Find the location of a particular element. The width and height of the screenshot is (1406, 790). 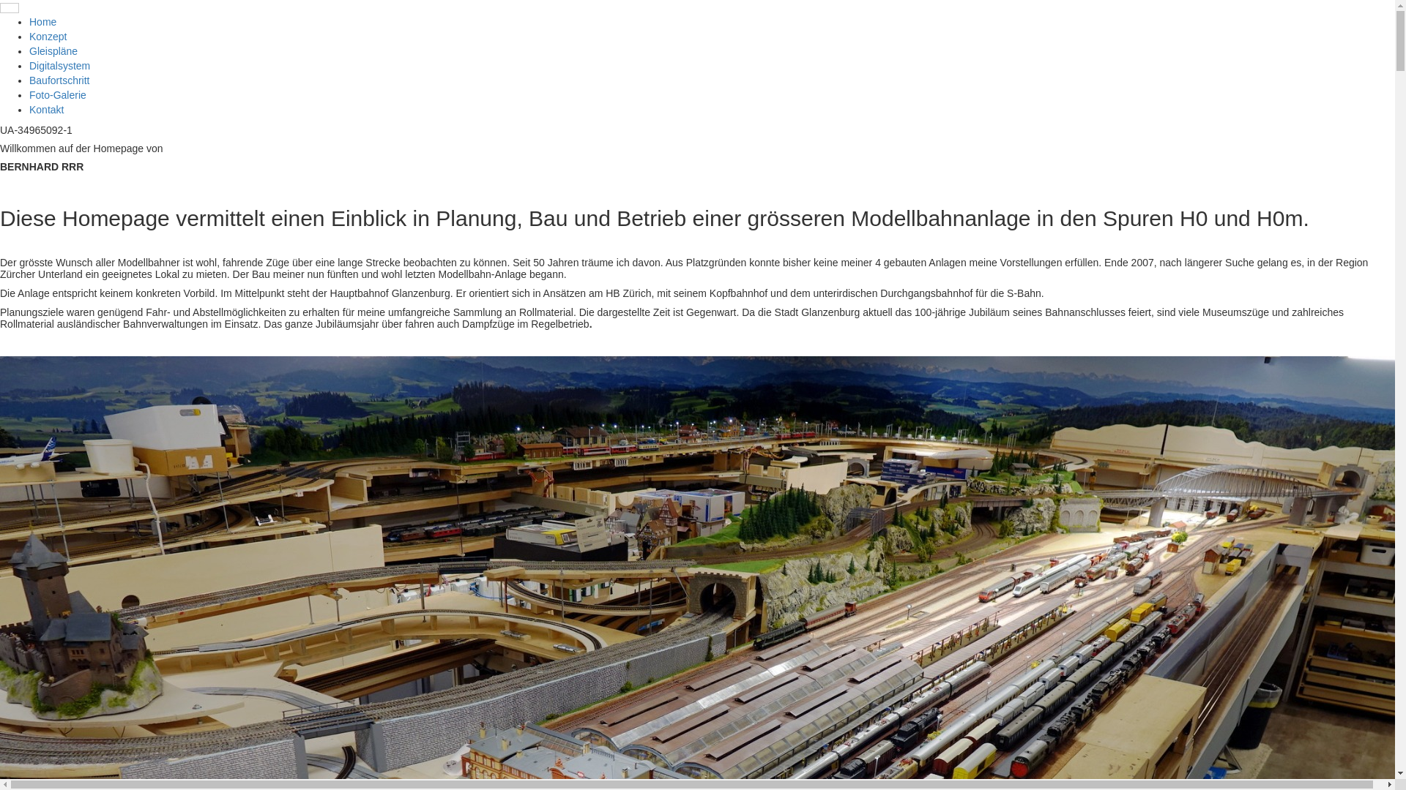

'Foto-Galerie' is located at coordinates (57, 95).